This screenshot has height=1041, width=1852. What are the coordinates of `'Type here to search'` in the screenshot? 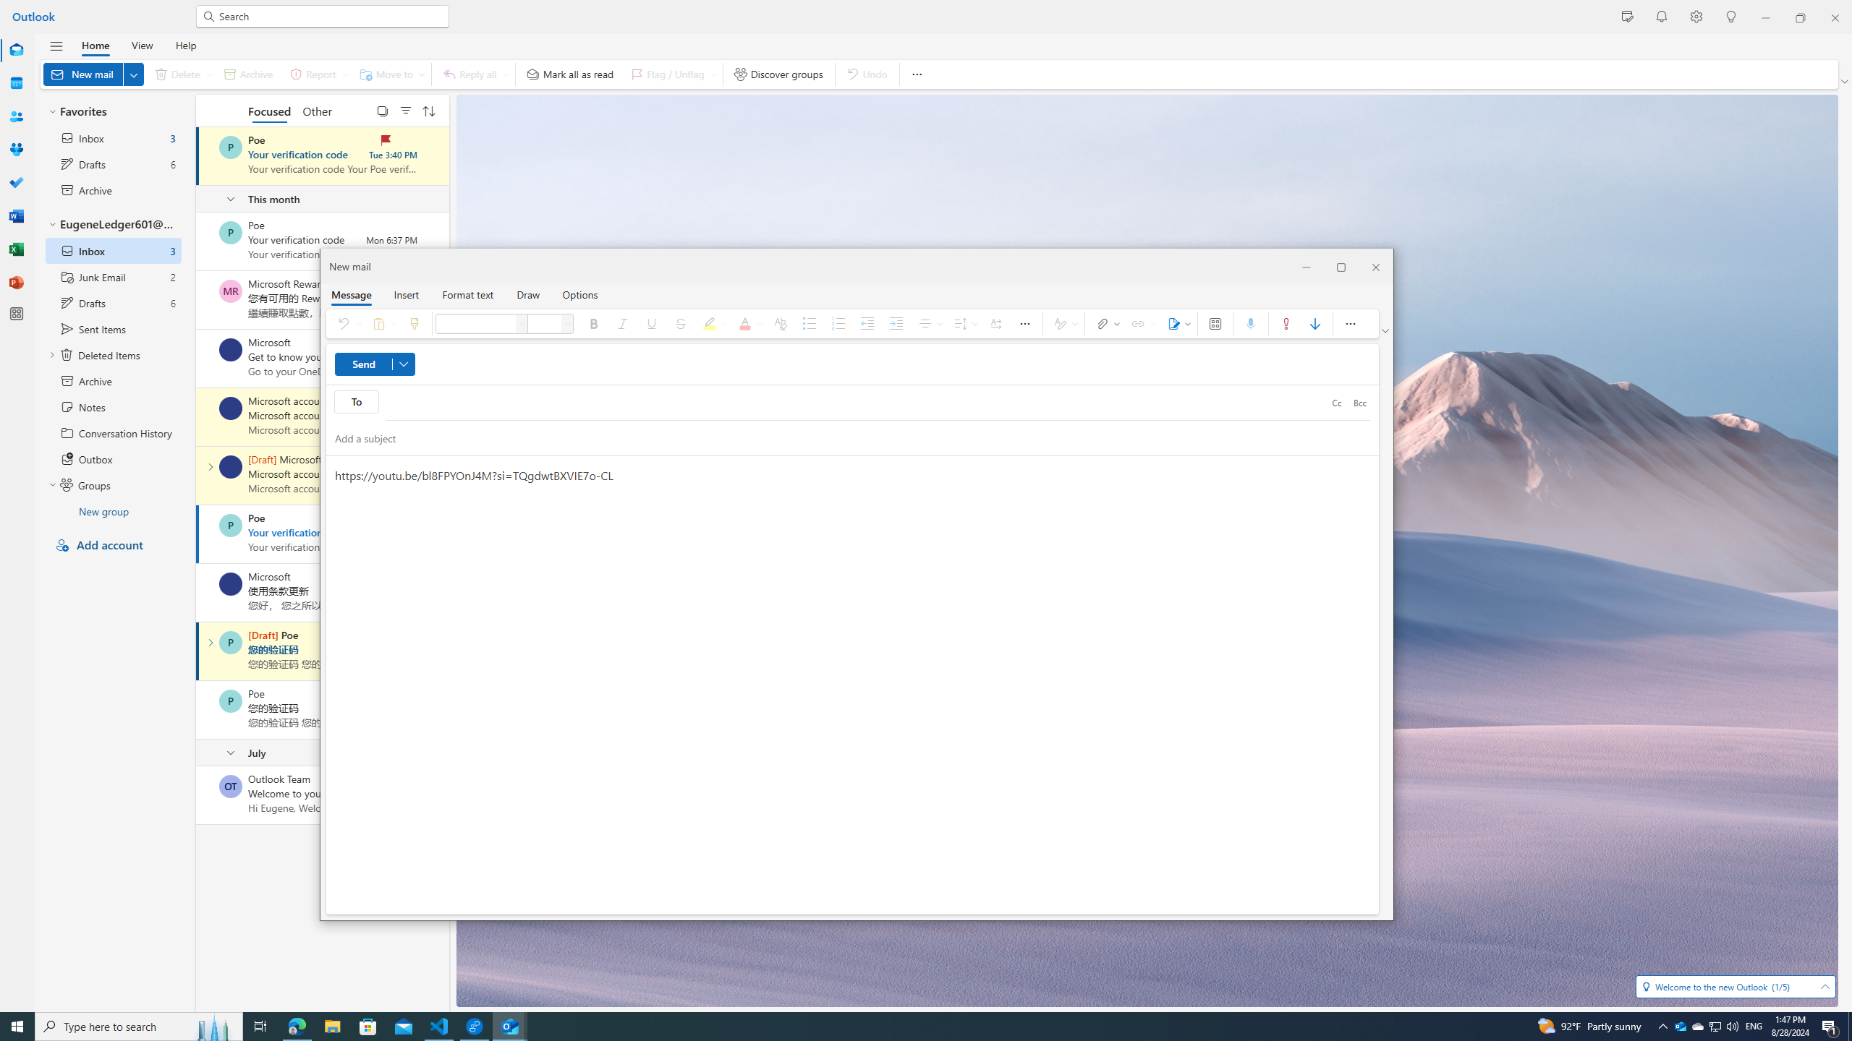 It's located at (138, 1025).